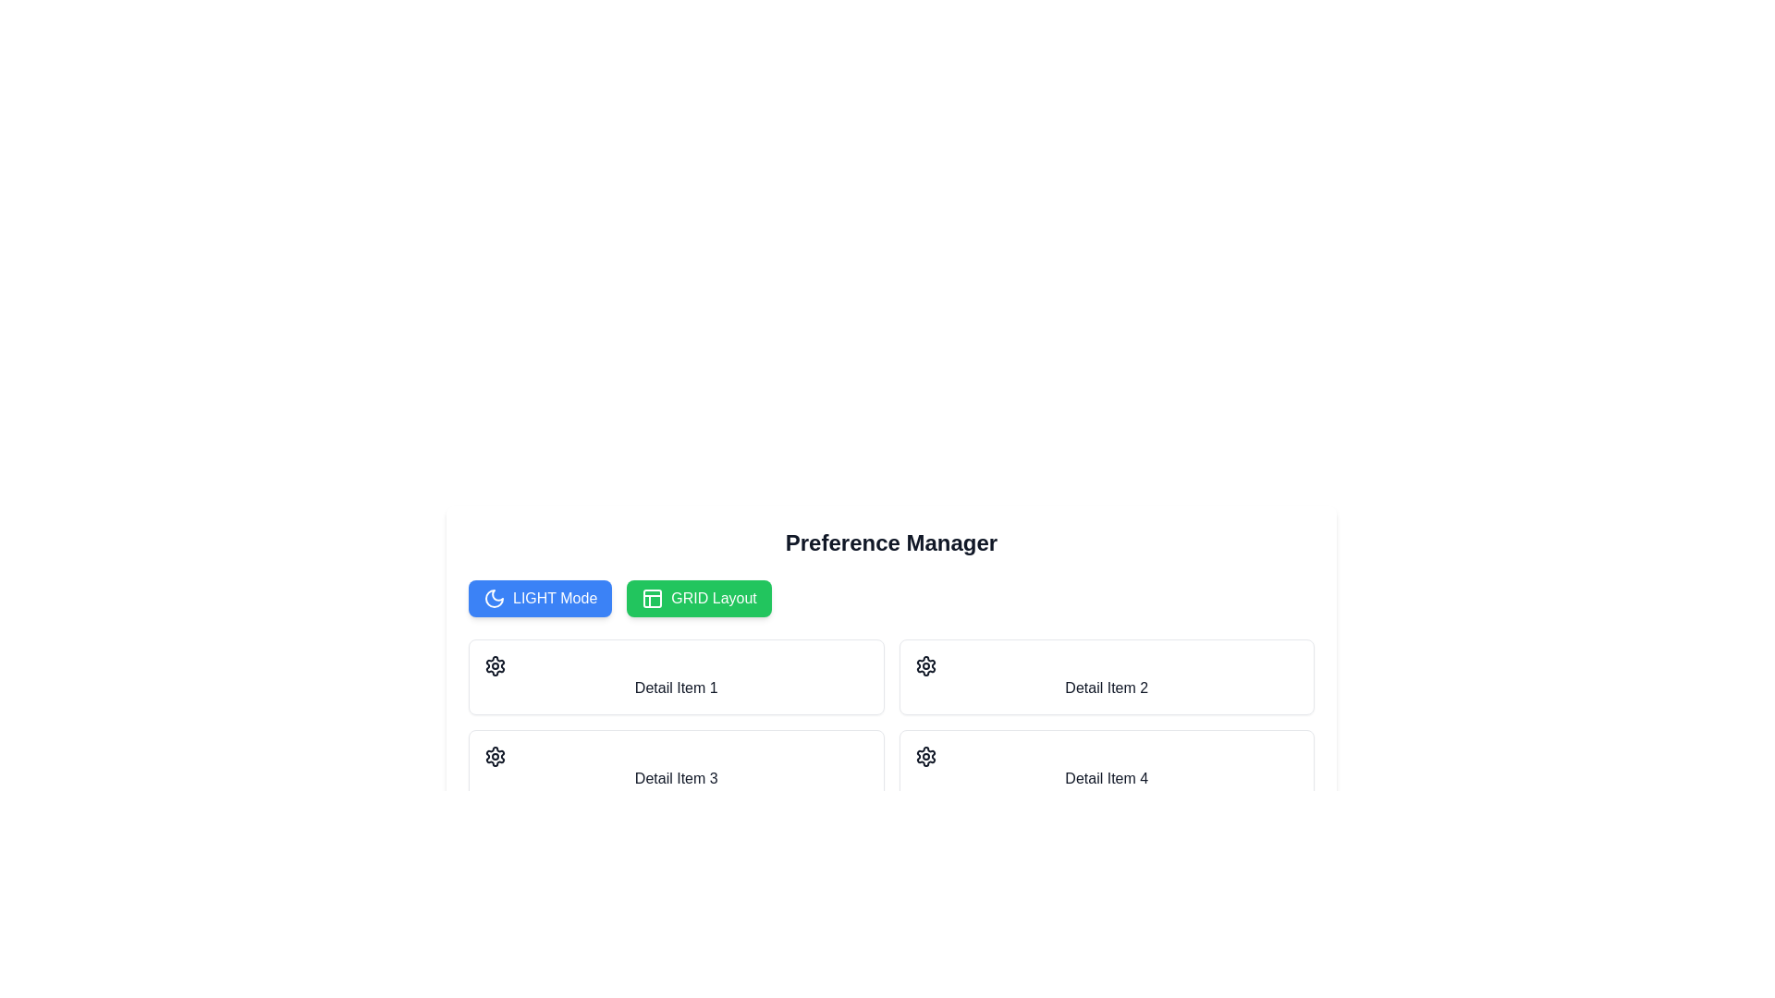  What do you see at coordinates (925, 666) in the screenshot?
I see `the small gear icon in the top-right corner of the card labeled 'Detail Item 2', which symbolizes settings or configurations` at bounding box center [925, 666].